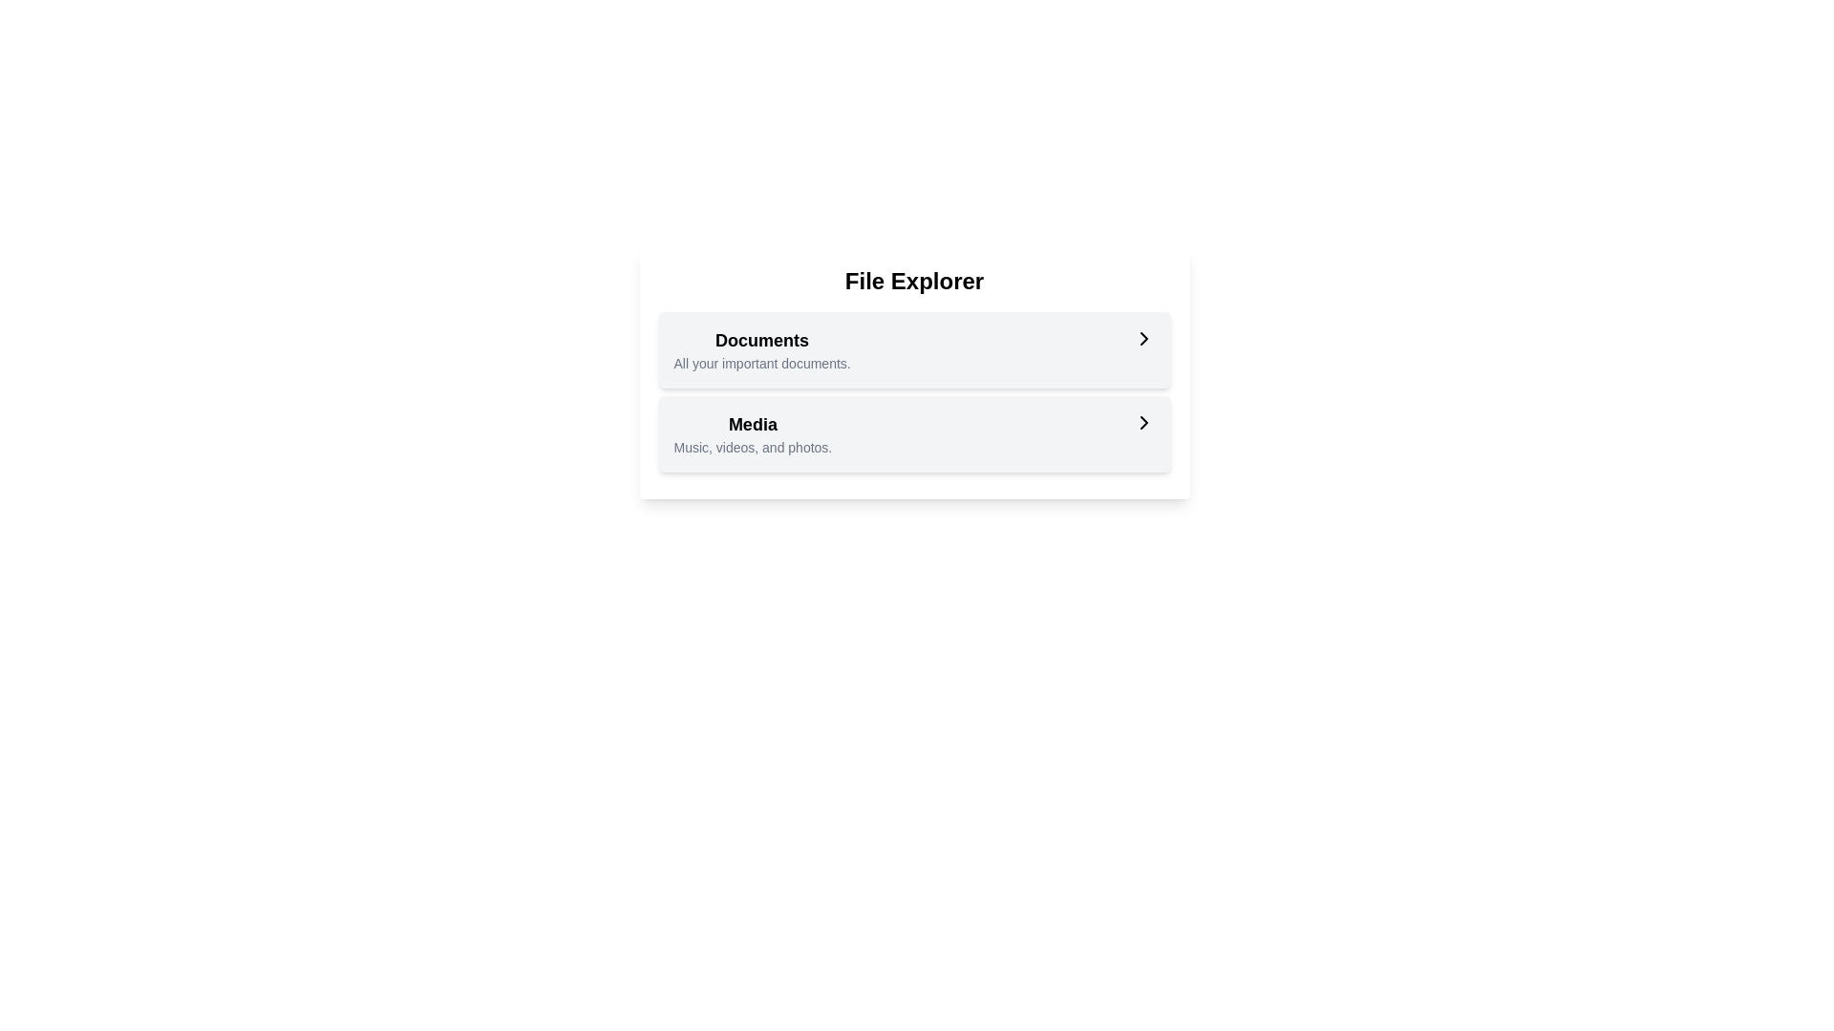 Image resolution: width=1834 pixels, height=1031 pixels. I want to click on the right-chevron icon, a small black arrow pointing to the right, located to the right of the 'Documents' entry in the 'File Explorer' section, so click(1143, 337).